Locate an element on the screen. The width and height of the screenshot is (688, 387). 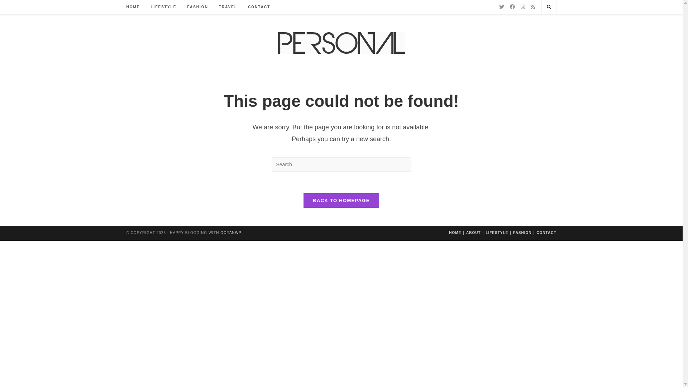
'CONTACT' is located at coordinates (536, 233).